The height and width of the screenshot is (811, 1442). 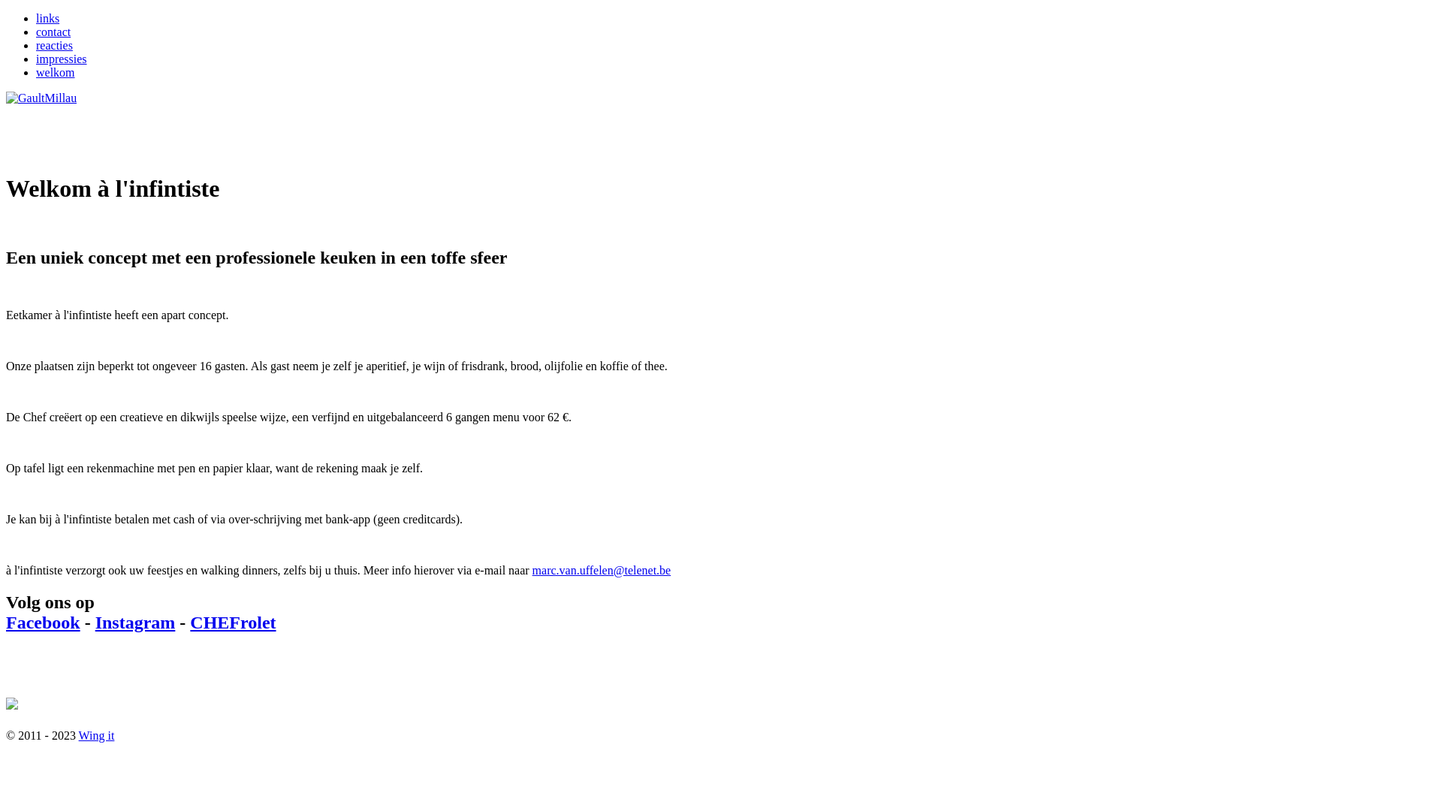 I want to click on 'Instagram', so click(x=135, y=623).